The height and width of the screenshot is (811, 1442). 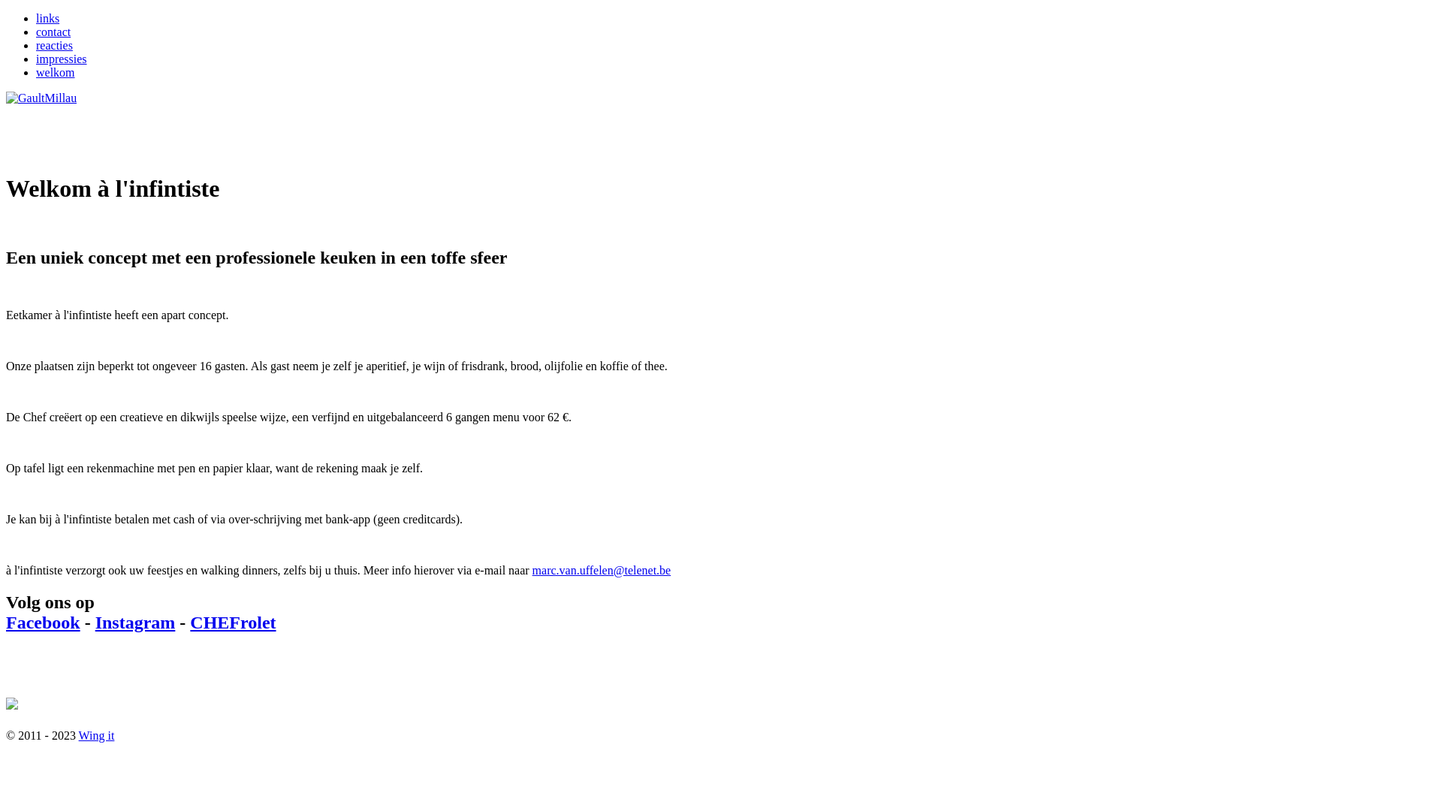 I want to click on 'Instagram', so click(x=135, y=623).